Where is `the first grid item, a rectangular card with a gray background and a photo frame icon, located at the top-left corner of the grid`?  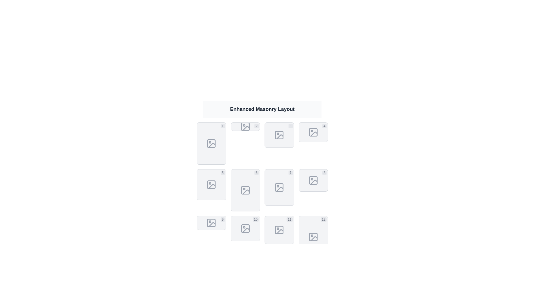 the first grid item, a rectangular card with a gray background and a photo frame icon, located at the top-left corner of the grid is located at coordinates (211, 143).